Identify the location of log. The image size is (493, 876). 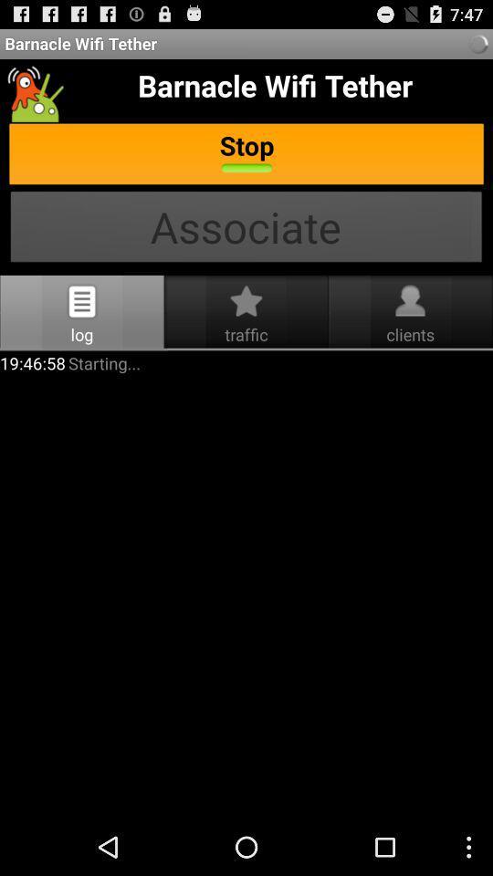
(81, 301).